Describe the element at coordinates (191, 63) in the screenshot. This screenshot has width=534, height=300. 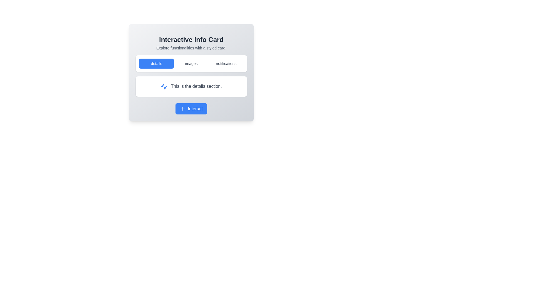
I see `the 'images' button within the Button Group element` at that location.